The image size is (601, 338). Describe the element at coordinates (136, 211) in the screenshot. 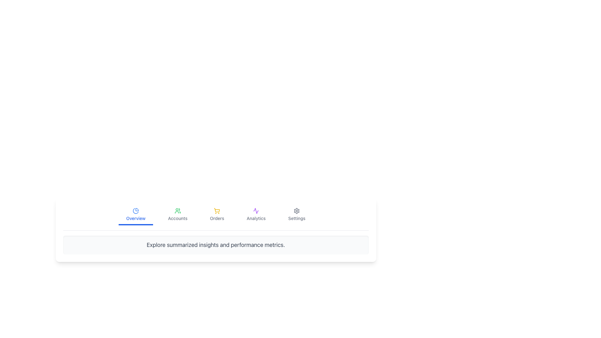

I see `the pie chart icon, a circular blue icon divided by a line, located above the 'Overview' text in the navigation bar` at that location.